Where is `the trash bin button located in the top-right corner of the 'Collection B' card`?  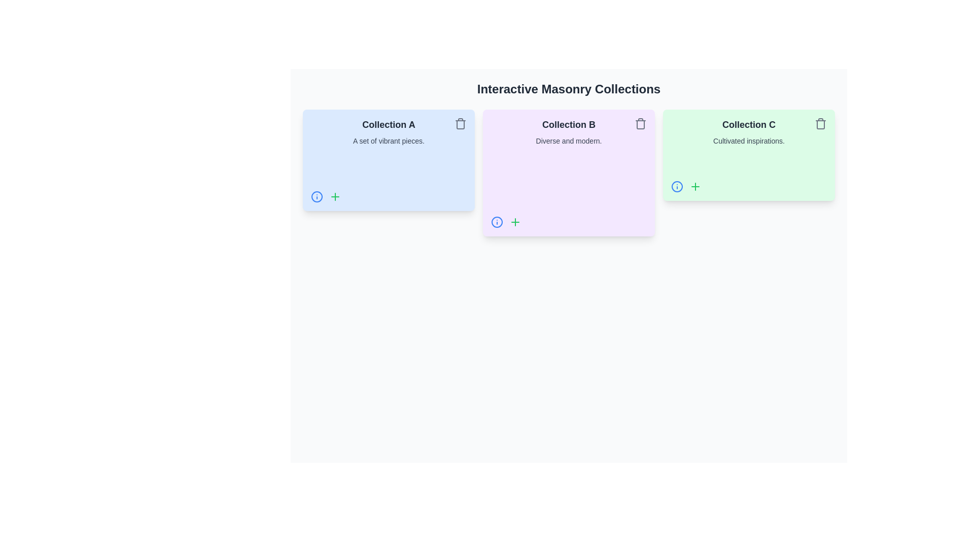
the trash bin button located in the top-right corner of the 'Collection B' card is located at coordinates (640, 124).